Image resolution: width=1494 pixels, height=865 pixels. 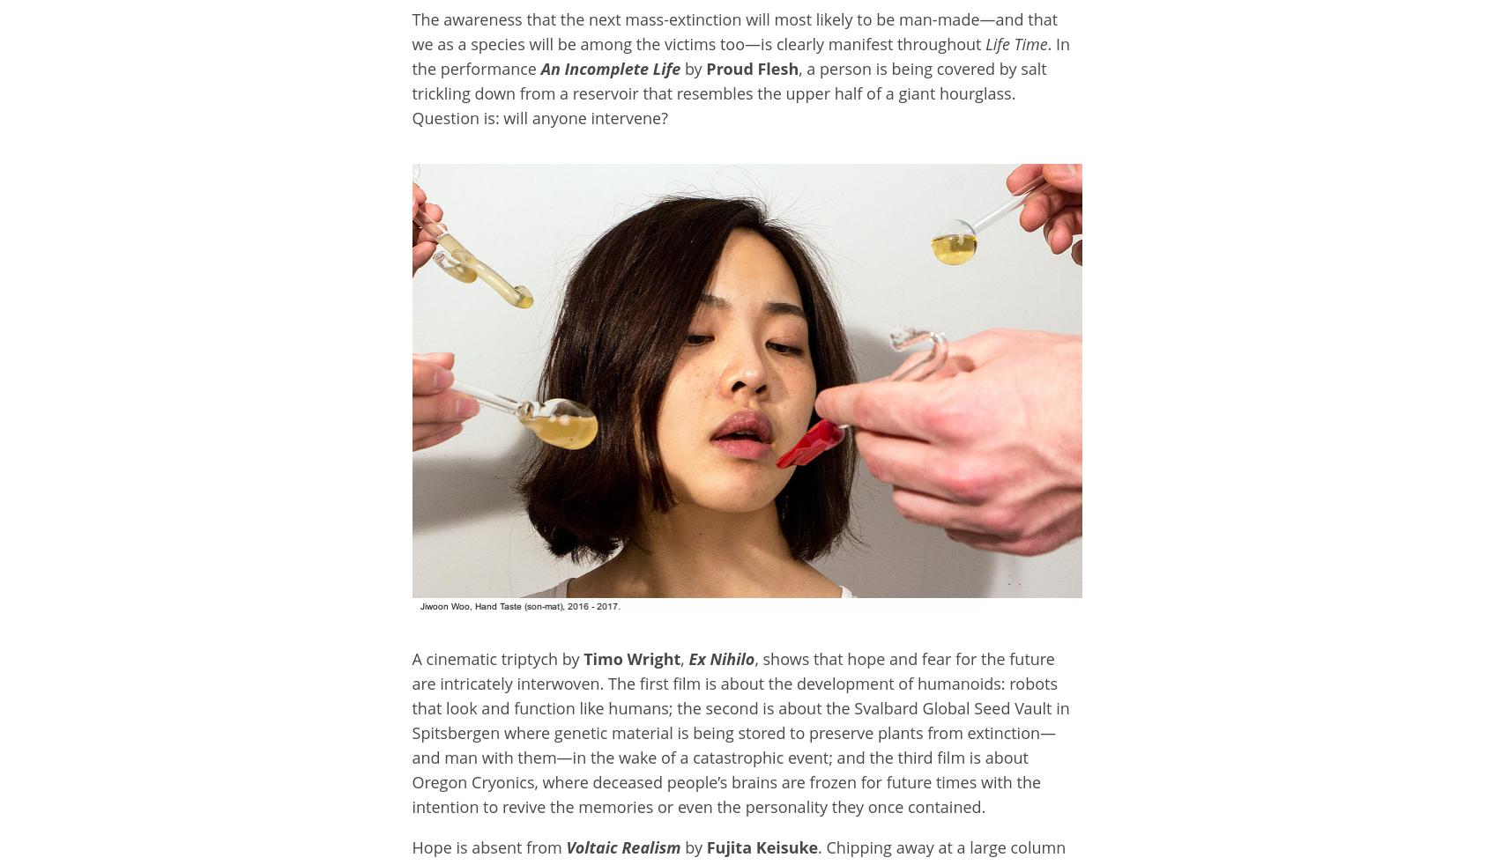 I want to click on 'Life Time', so click(x=1013, y=42).